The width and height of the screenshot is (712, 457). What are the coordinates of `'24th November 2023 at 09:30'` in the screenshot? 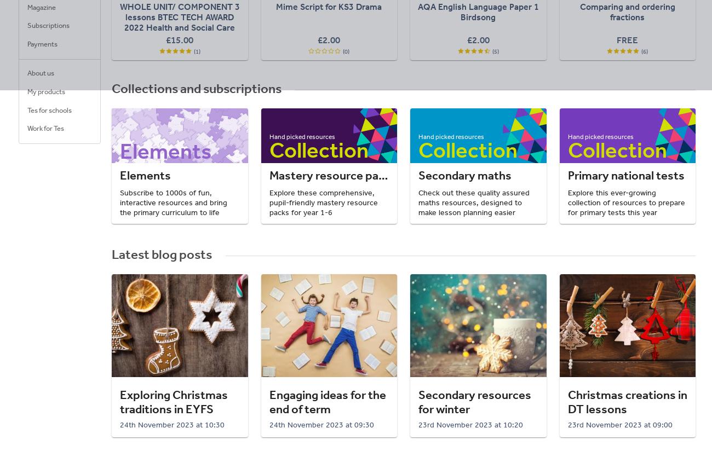 It's located at (320, 424).